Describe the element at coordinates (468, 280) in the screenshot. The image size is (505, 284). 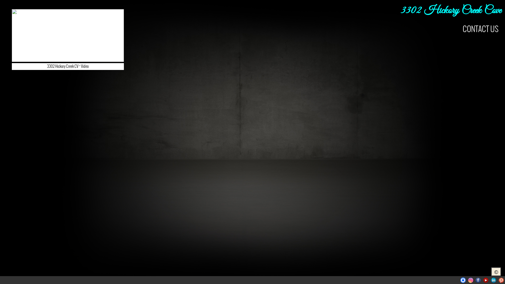
I see `'Instagram'` at that location.